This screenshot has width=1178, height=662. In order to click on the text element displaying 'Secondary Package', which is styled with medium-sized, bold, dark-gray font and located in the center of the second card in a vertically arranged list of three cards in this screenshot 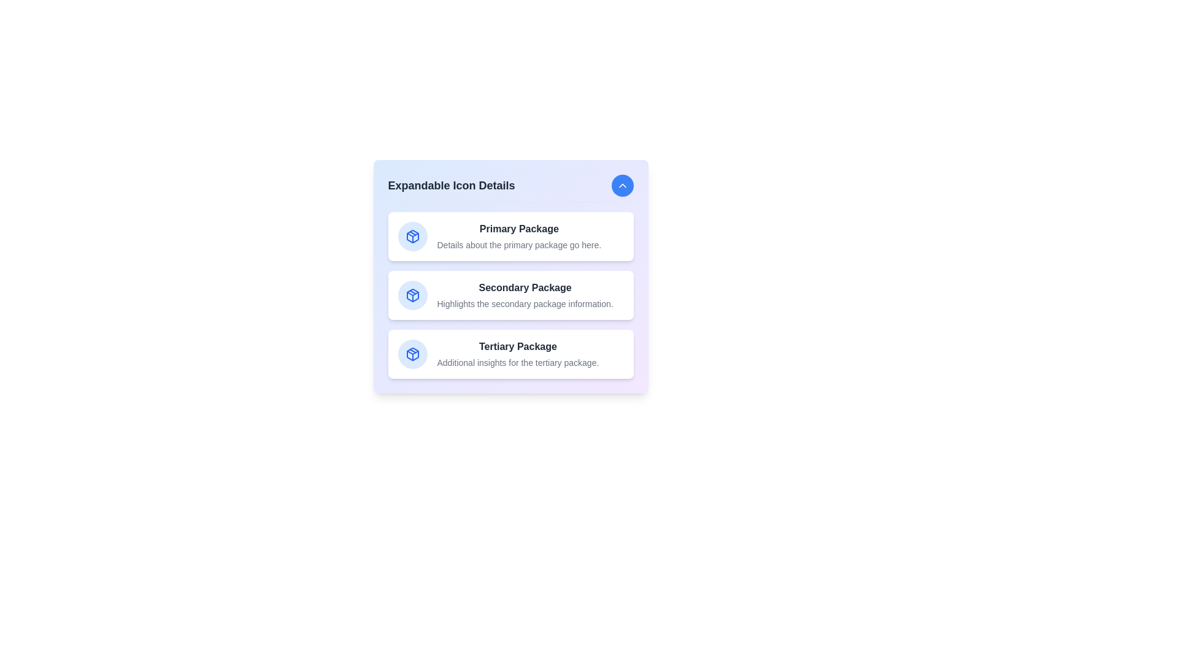, I will do `click(525, 288)`.